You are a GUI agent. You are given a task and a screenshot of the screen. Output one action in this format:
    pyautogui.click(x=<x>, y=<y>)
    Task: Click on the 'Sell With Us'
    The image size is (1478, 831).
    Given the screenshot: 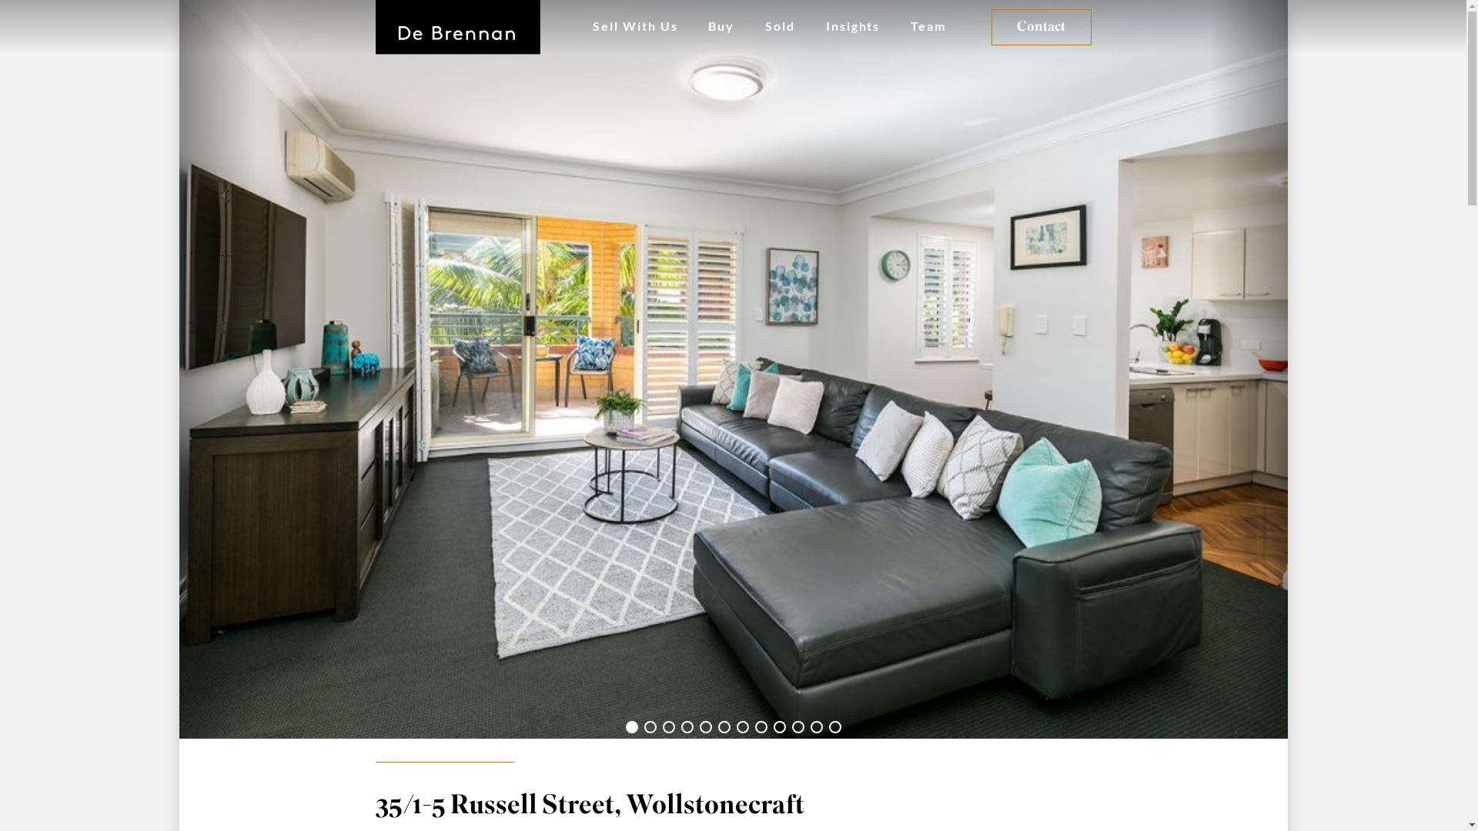 What is the action you would take?
    pyautogui.click(x=635, y=26)
    